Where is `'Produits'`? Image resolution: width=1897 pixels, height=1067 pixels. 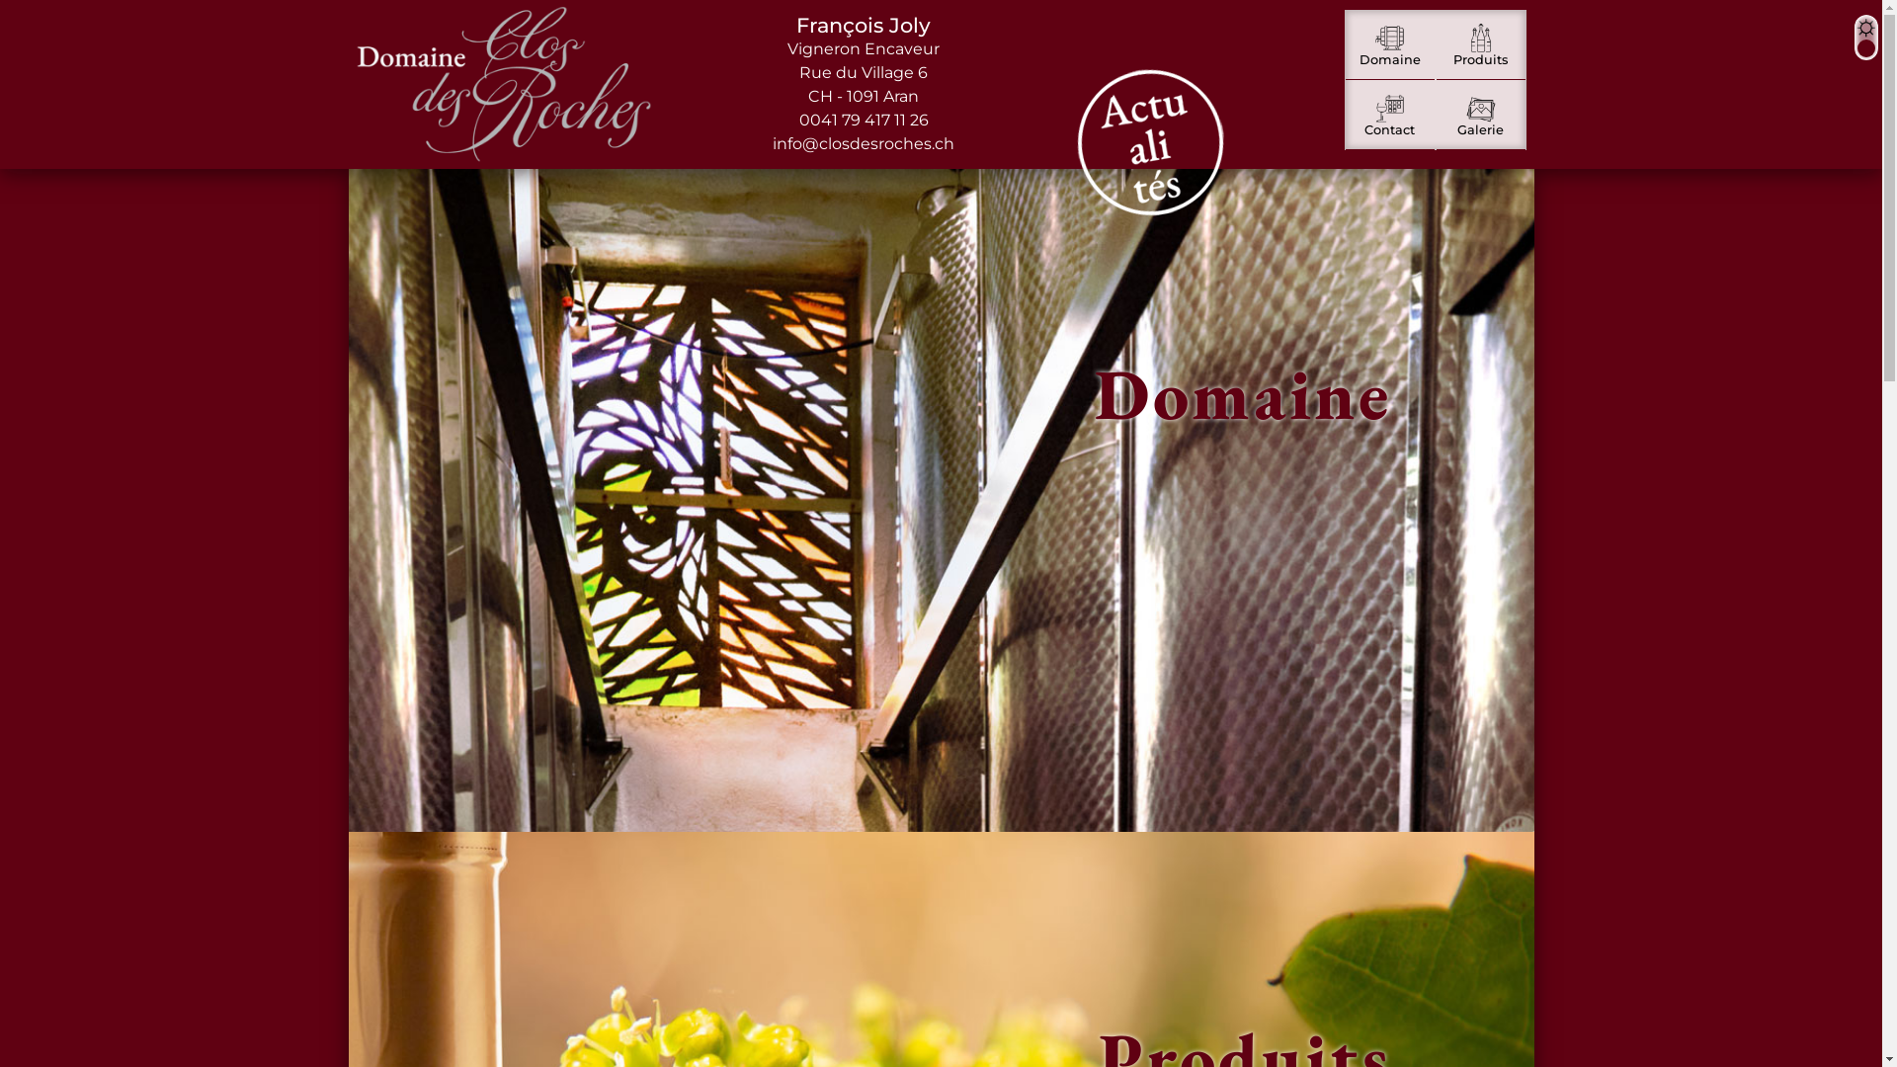 'Produits' is located at coordinates (1480, 44).